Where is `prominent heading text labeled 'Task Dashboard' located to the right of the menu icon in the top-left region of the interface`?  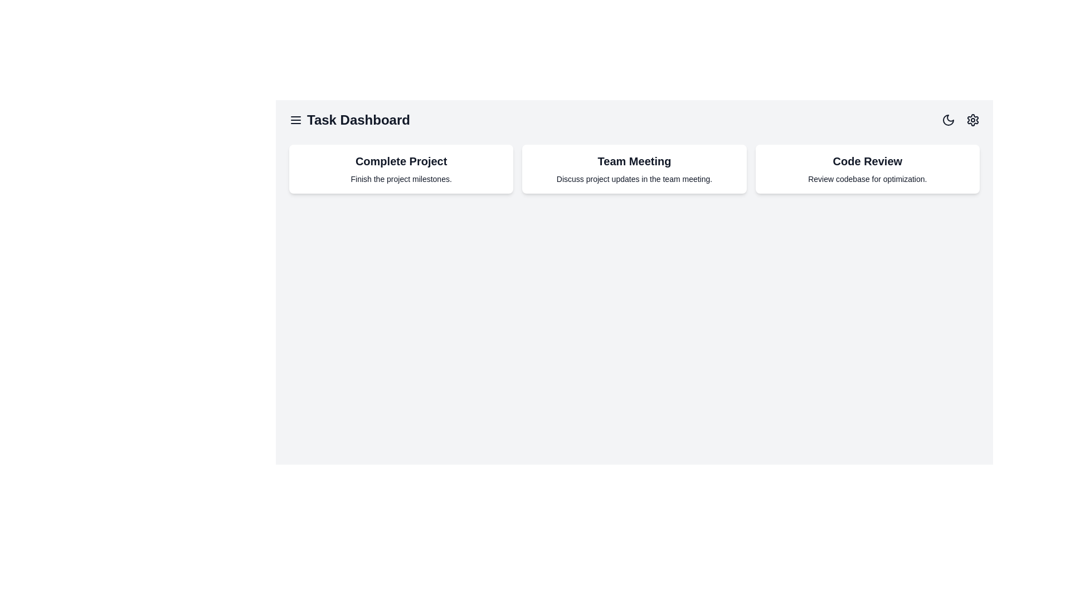
prominent heading text labeled 'Task Dashboard' located to the right of the menu icon in the top-left region of the interface is located at coordinates (358, 120).